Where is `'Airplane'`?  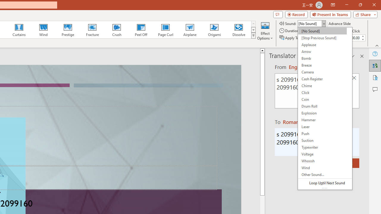 'Airplane' is located at coordinates (189, 30).